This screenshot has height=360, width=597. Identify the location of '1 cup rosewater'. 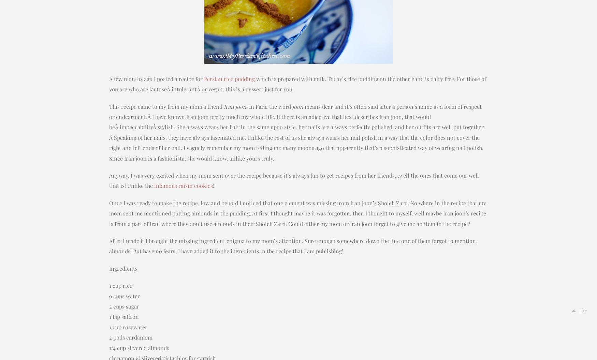
(128, 327).